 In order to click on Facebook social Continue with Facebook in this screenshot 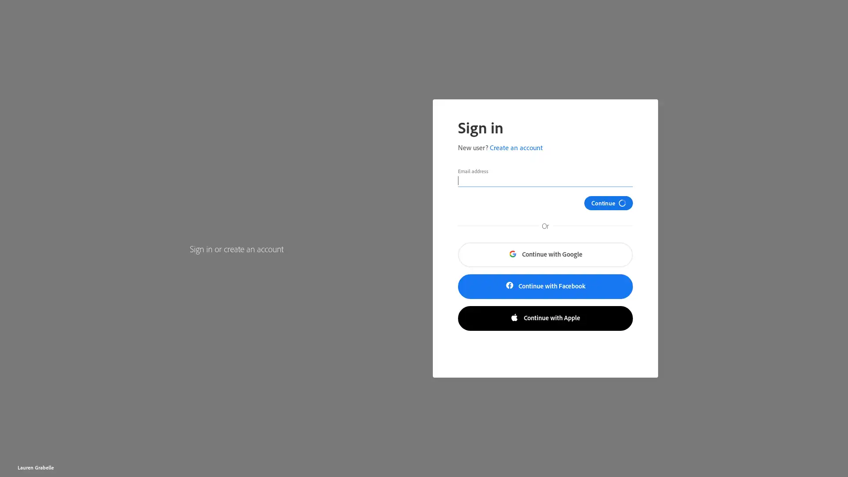, I will do `click(545, 286)`.